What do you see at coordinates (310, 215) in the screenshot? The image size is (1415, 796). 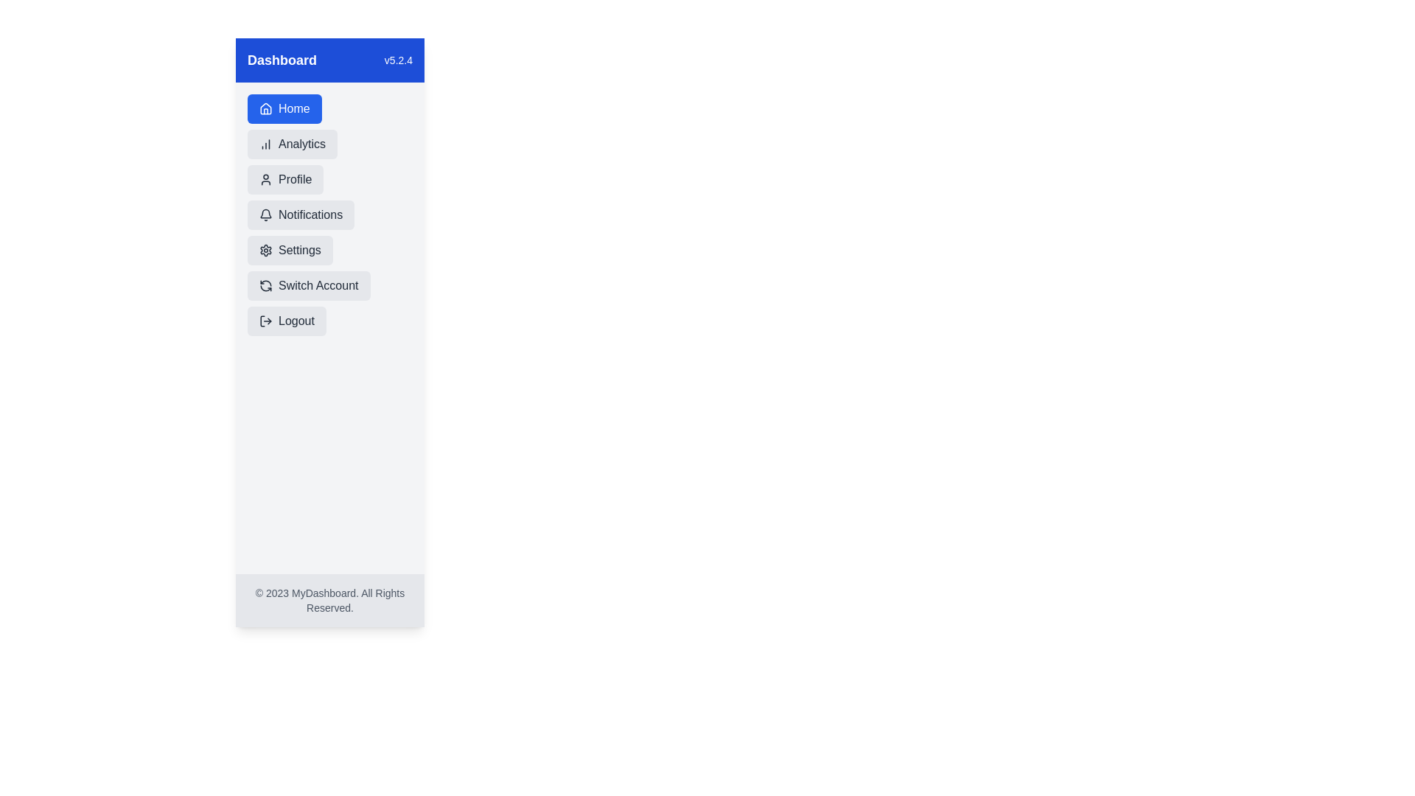 I see `the 'Notifications' text label within the sidebar navigation menu` at bounding box center [310, 215].